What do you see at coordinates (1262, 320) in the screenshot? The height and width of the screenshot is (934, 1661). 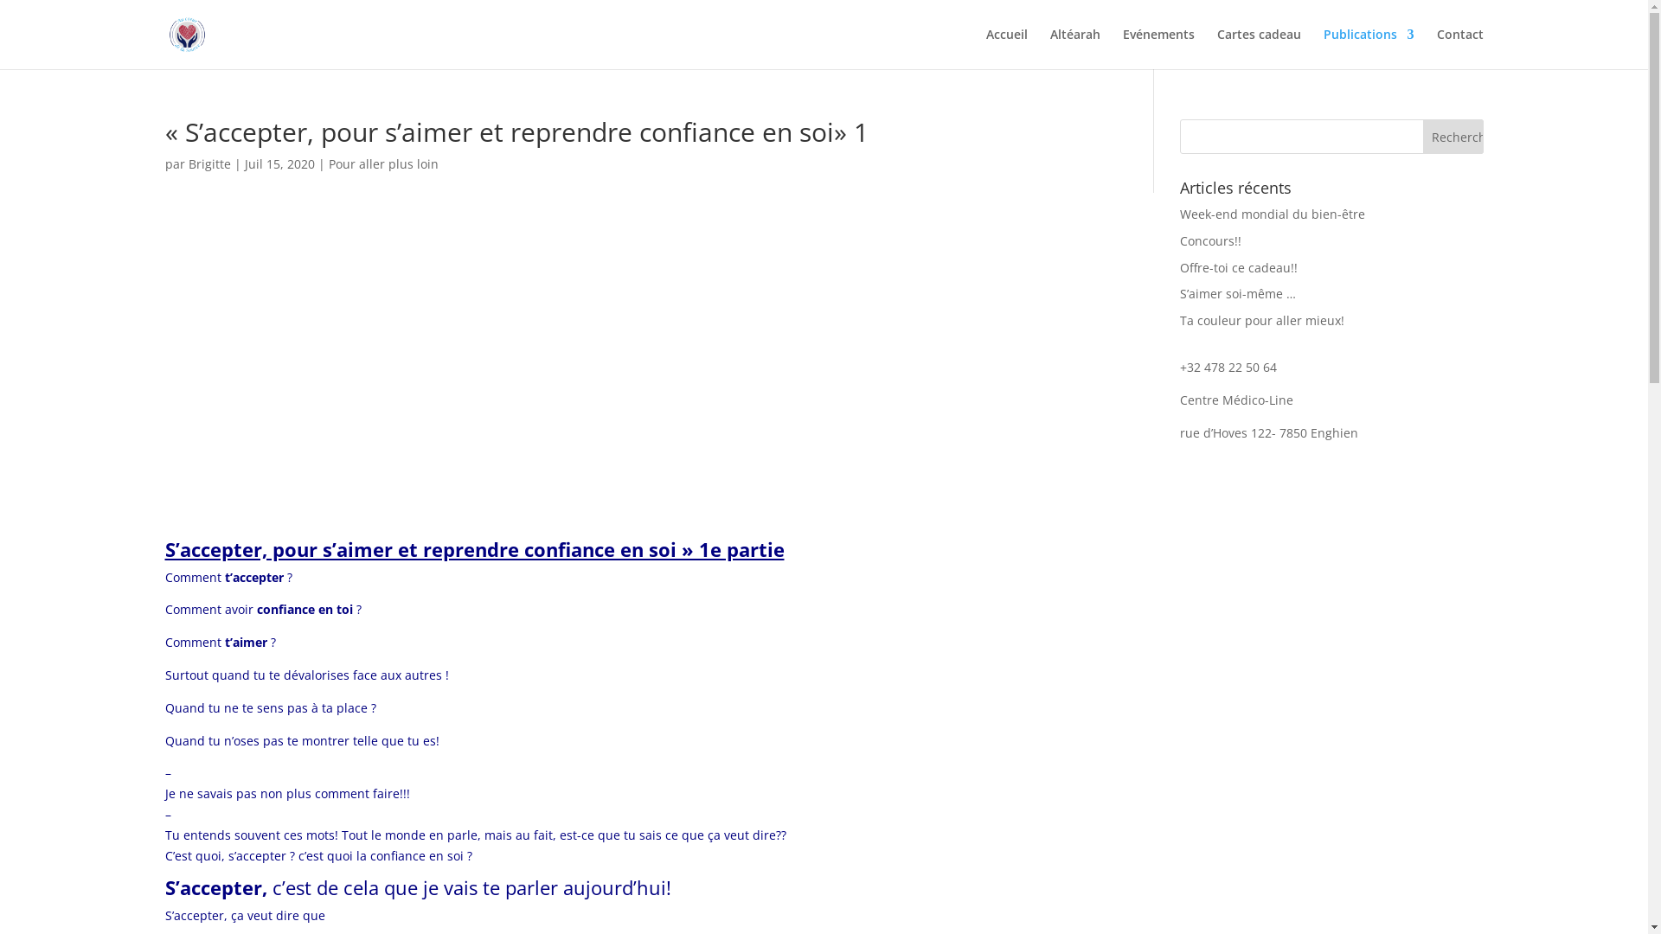 I see `'Ta couleur pour aller mieux!'` at bounding box center [1262, 320].